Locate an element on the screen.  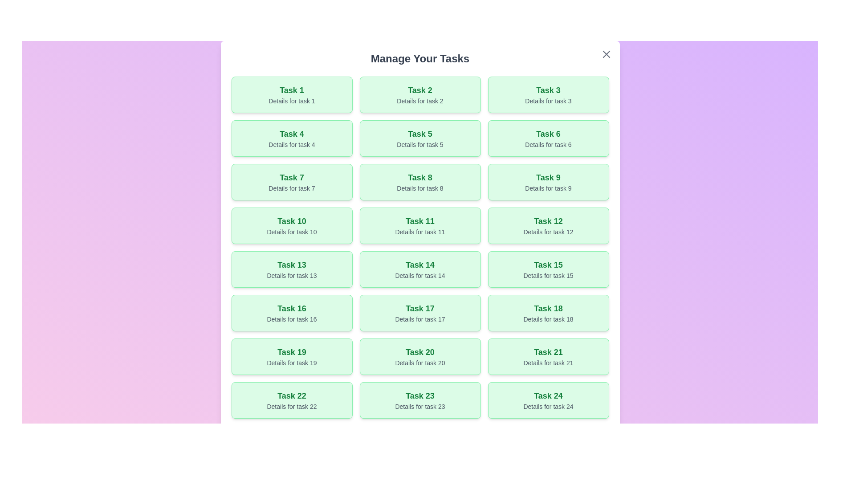
the close button to close the dialog is located at coordinates (606, 54).